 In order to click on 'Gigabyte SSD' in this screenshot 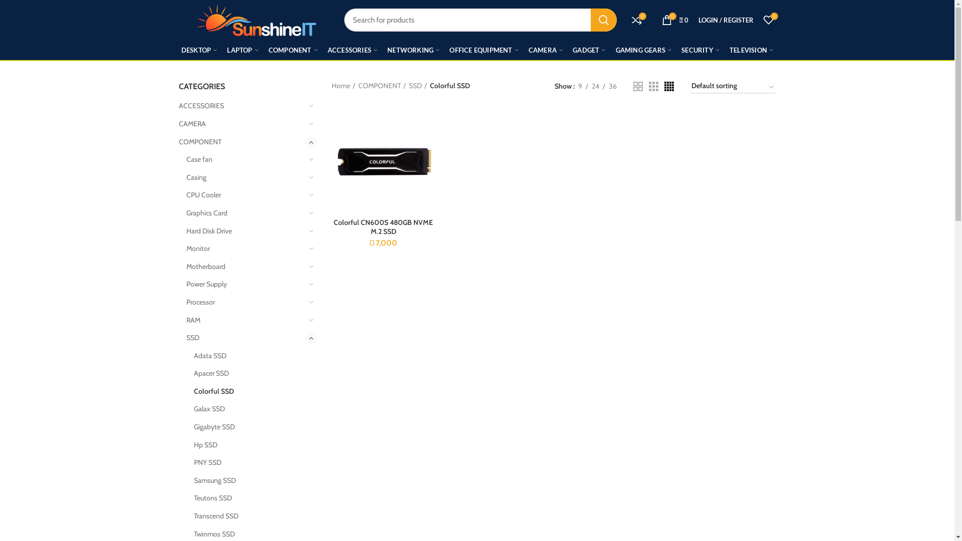, I will do `click(249, 427)`.